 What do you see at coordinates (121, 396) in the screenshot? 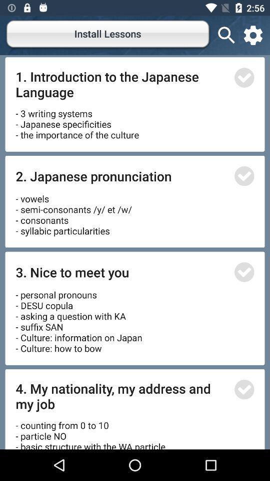
I see `the item below the personal pronouns desu` at bounding box center [121, 396].